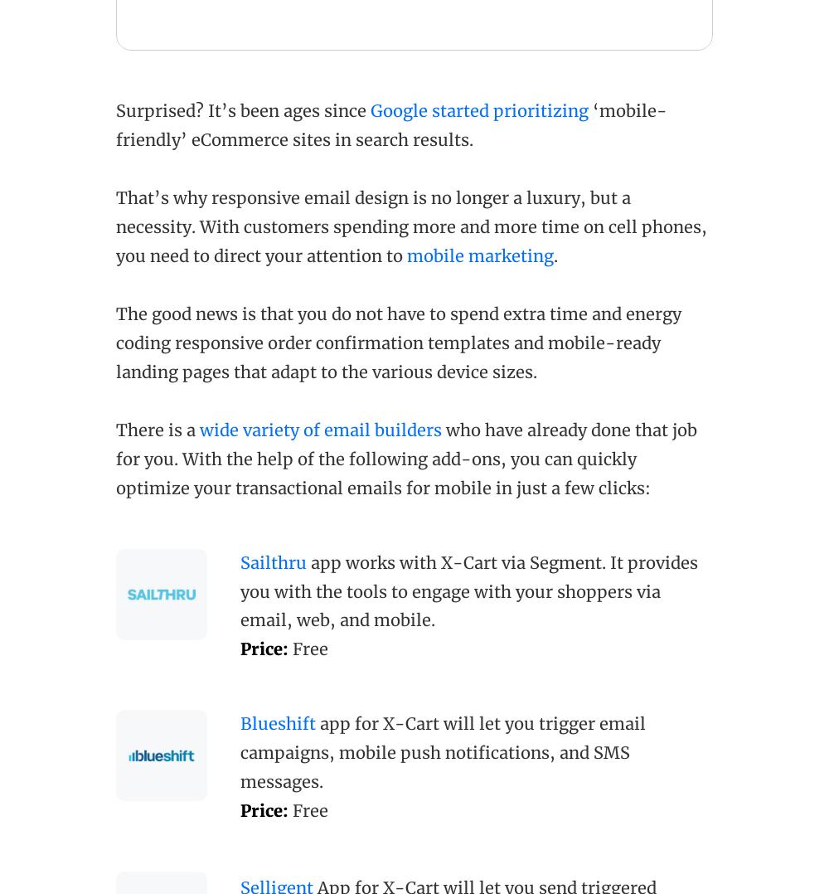 The height and width of the screenshot is (894, 829). What do you see at coordinates (116, 429) in the screenshot?
I see `'There is a'` at bounding box center [116, 429].